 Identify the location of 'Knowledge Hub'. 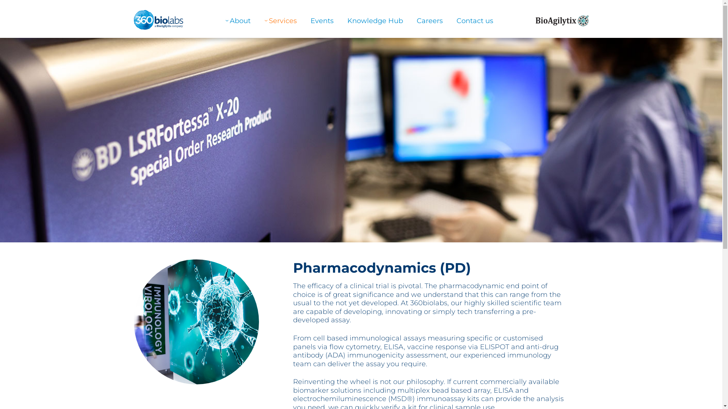
(375, 20).